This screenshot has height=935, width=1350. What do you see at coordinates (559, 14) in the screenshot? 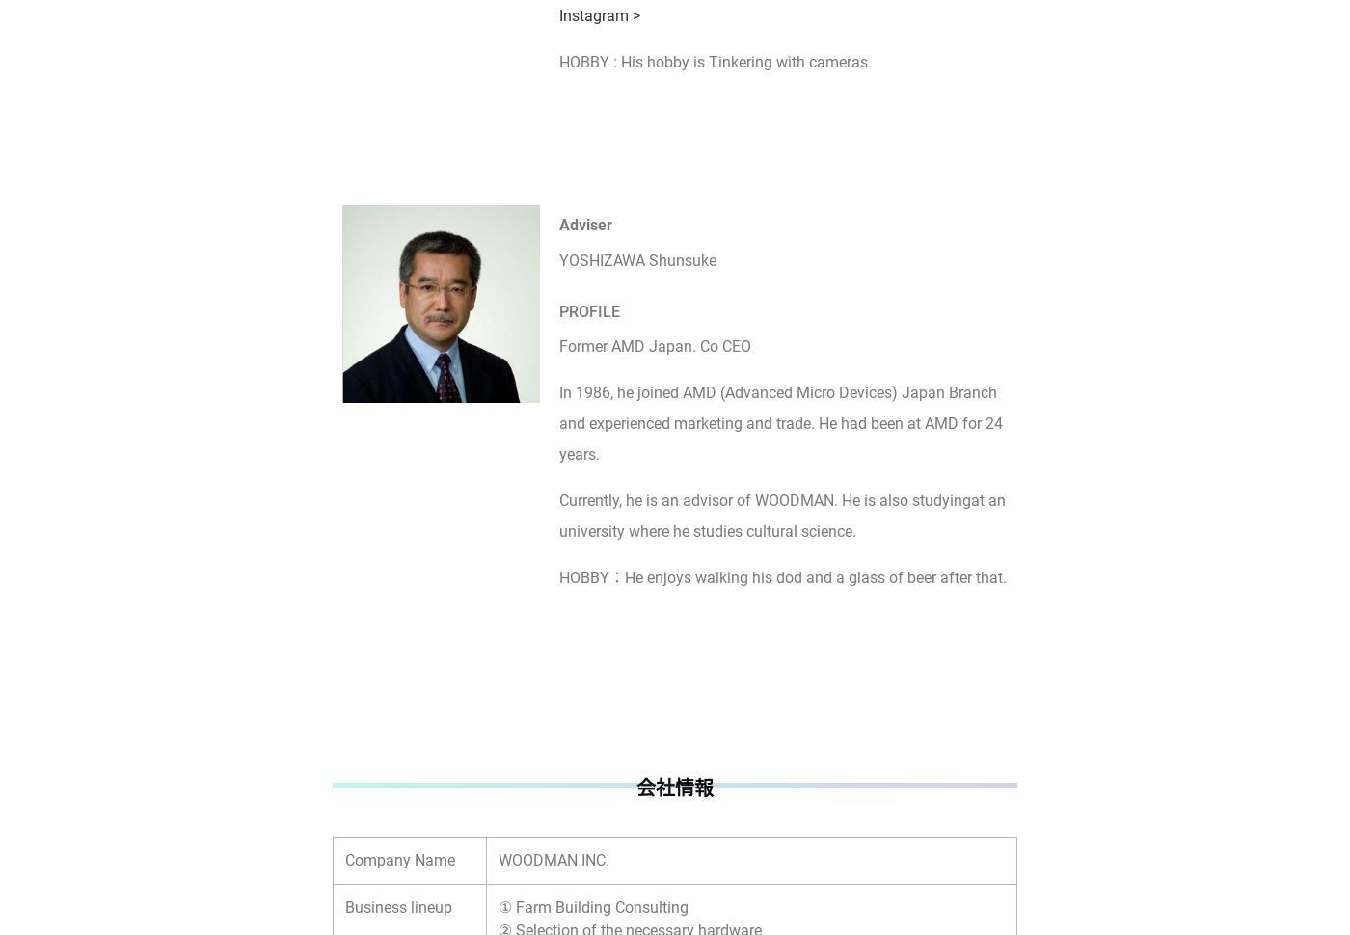
I see `'Instagram >'` at bounding box center [559, 14].